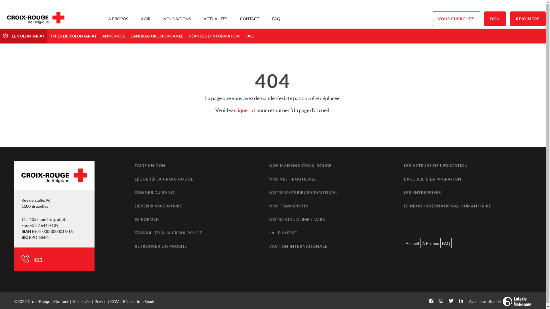 This screenshot has width=550, height=309. Describe the element at coordinates (99, 36) in the screenshot. I see `'ANNONCES'` at that location.